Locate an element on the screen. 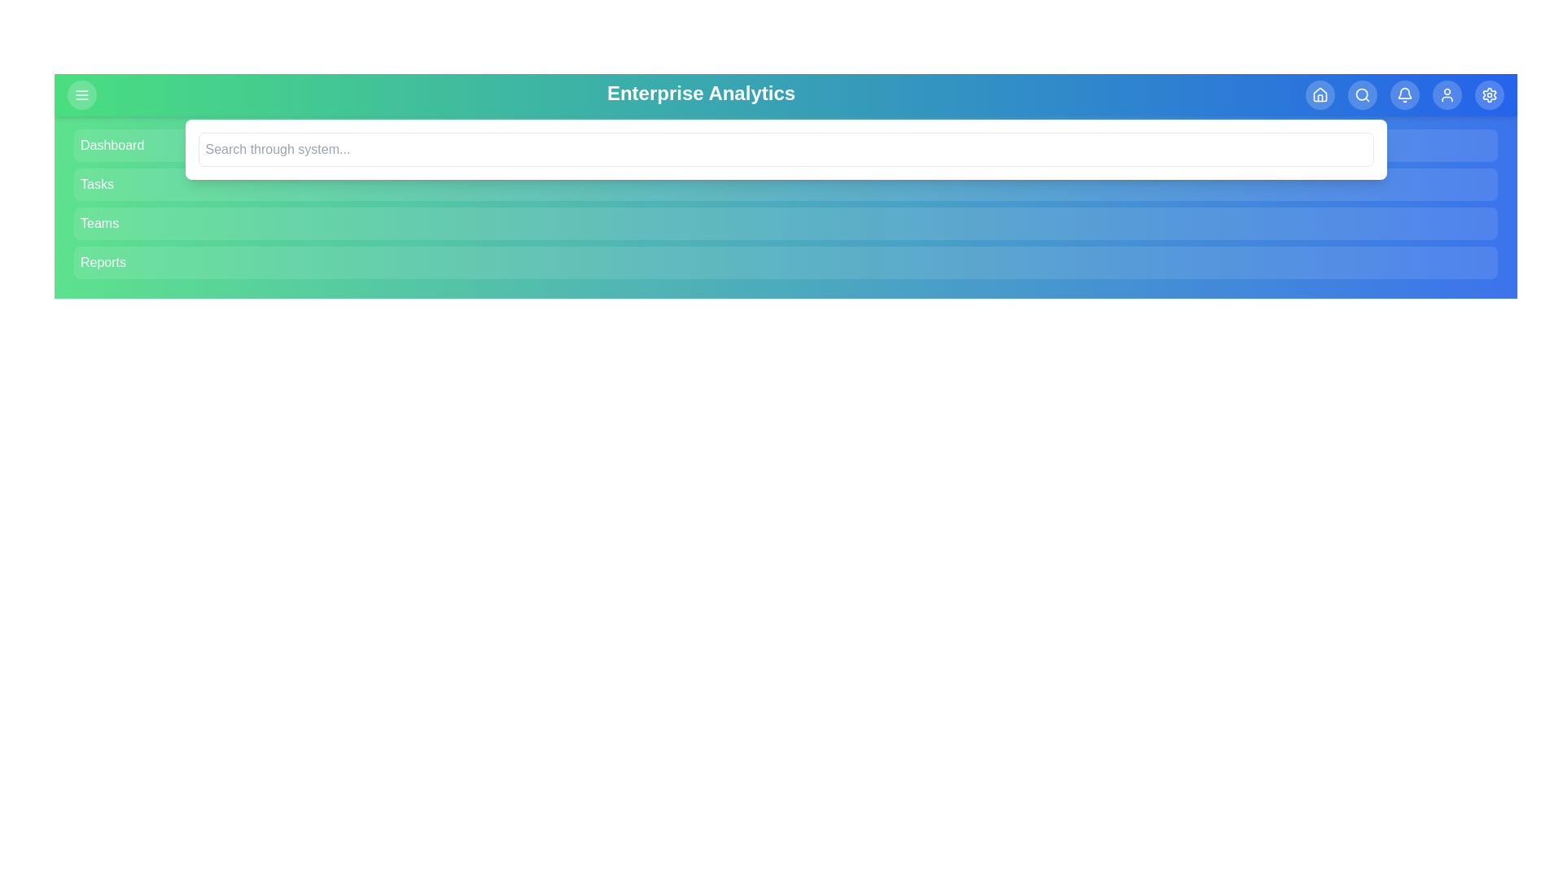 Image resolution: width=1563 pixels, height=879 pixels. the menu item Tasks to navigate to its respective section is located at coordinates (786, 184).